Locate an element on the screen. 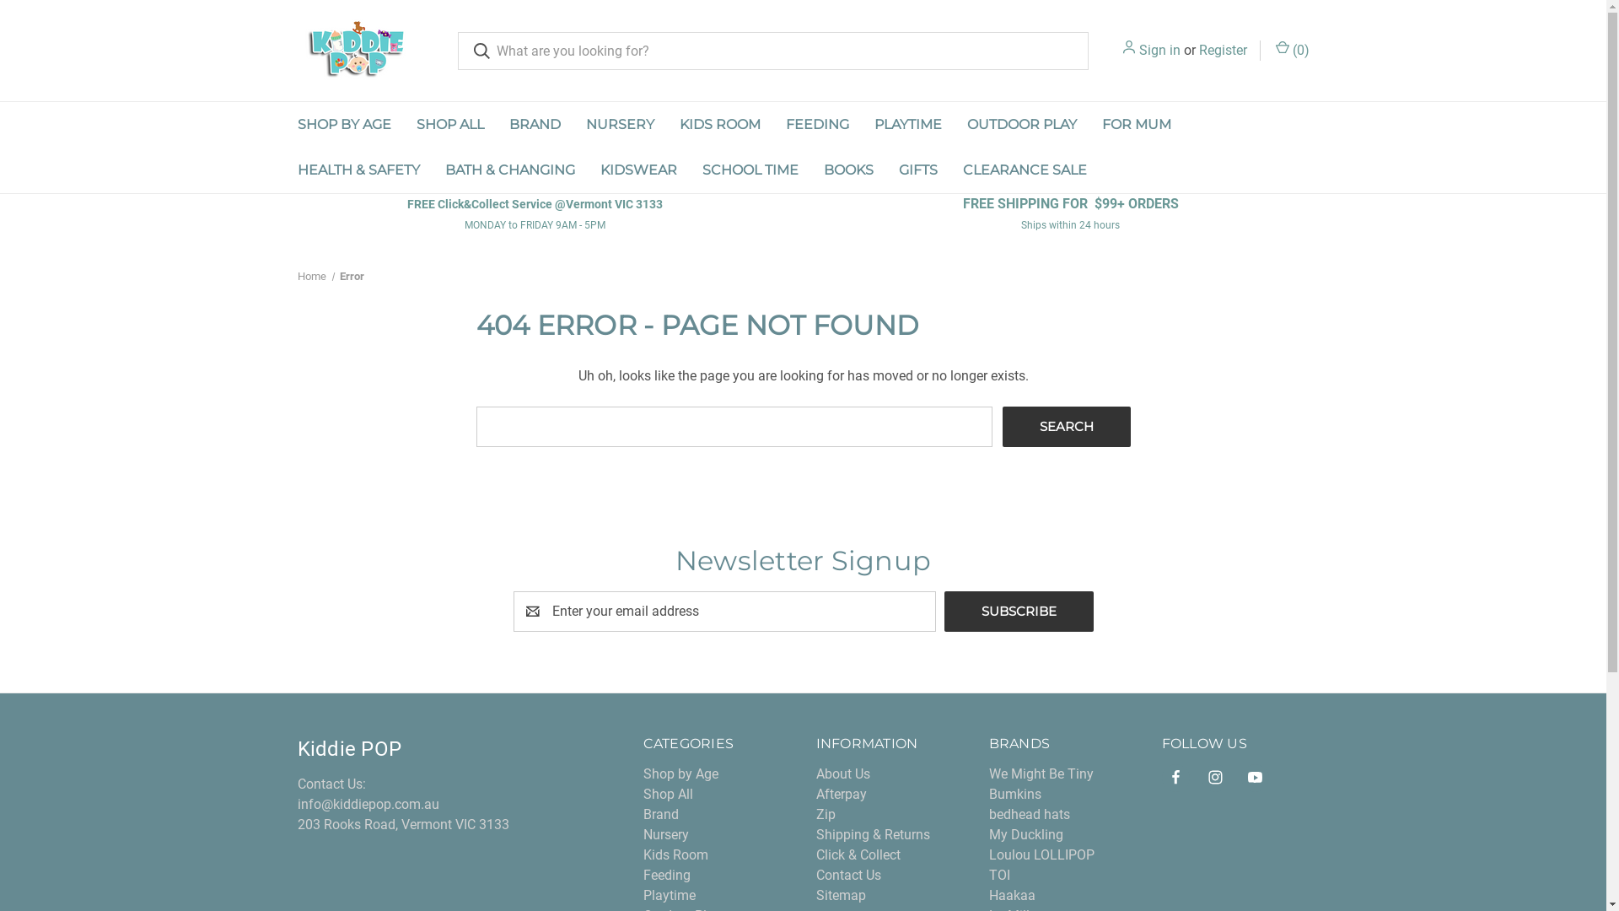 The width and height of the screenshot is (1619, 911). 'bedhead hats' is located at coordinates (1028, 813).